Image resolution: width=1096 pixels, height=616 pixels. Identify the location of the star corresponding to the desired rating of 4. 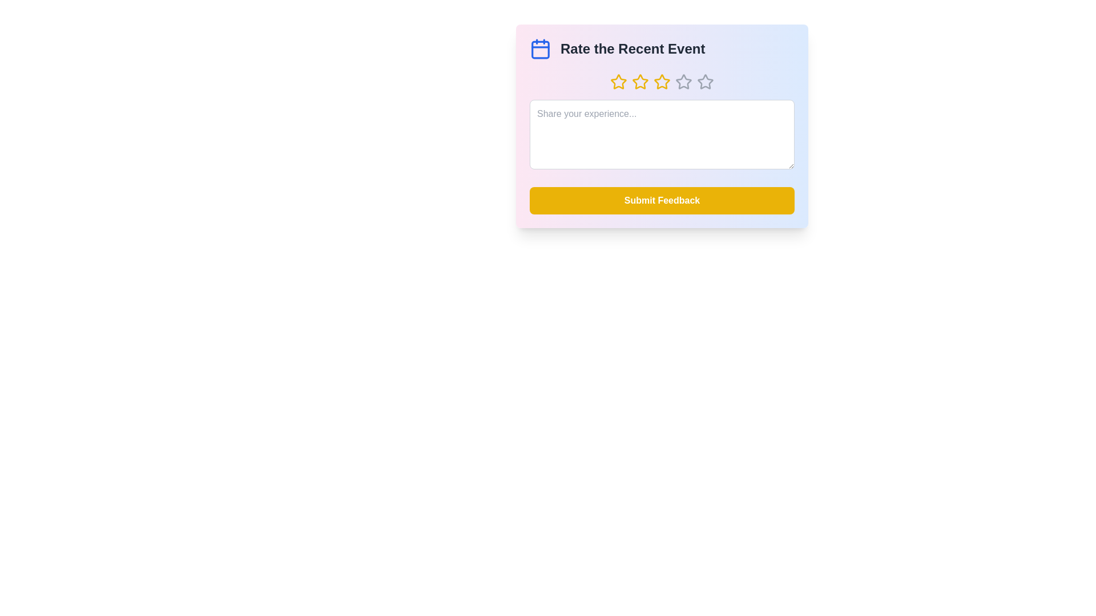
(684, 81).